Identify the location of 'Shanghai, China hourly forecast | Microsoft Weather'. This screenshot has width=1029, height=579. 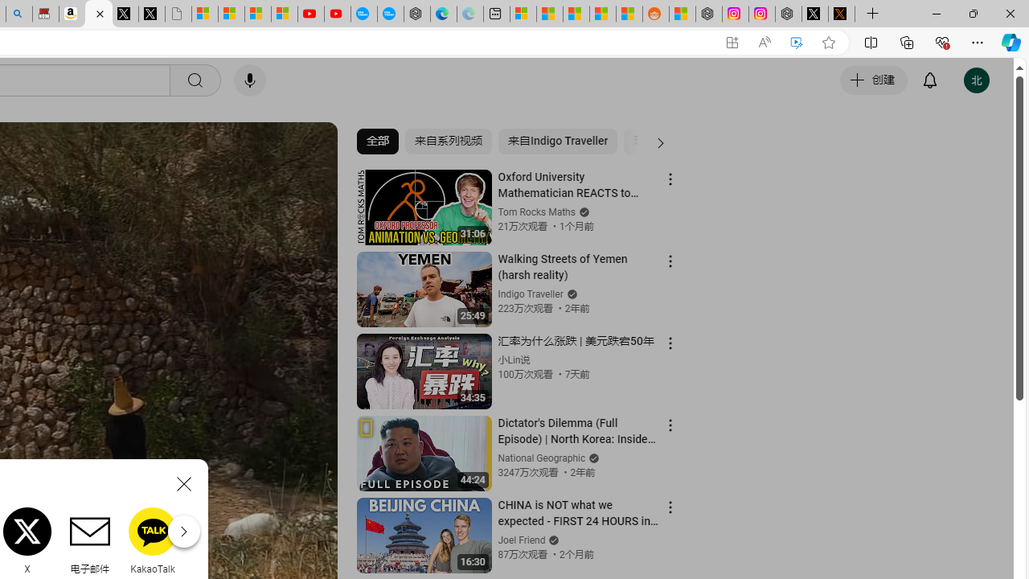
(576, 14).